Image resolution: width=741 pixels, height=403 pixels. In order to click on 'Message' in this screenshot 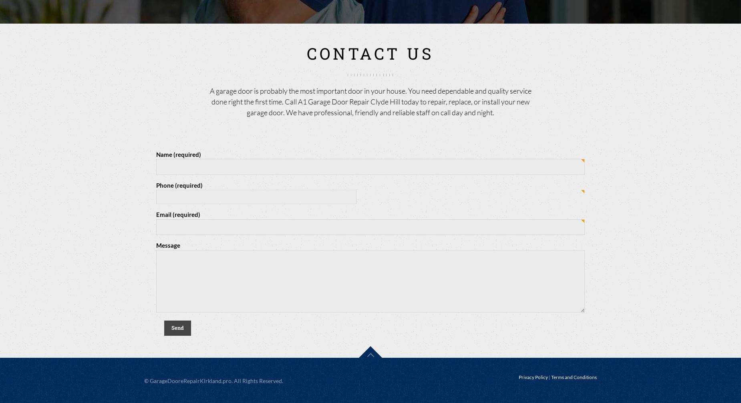, I will do `click(167, 245)`.